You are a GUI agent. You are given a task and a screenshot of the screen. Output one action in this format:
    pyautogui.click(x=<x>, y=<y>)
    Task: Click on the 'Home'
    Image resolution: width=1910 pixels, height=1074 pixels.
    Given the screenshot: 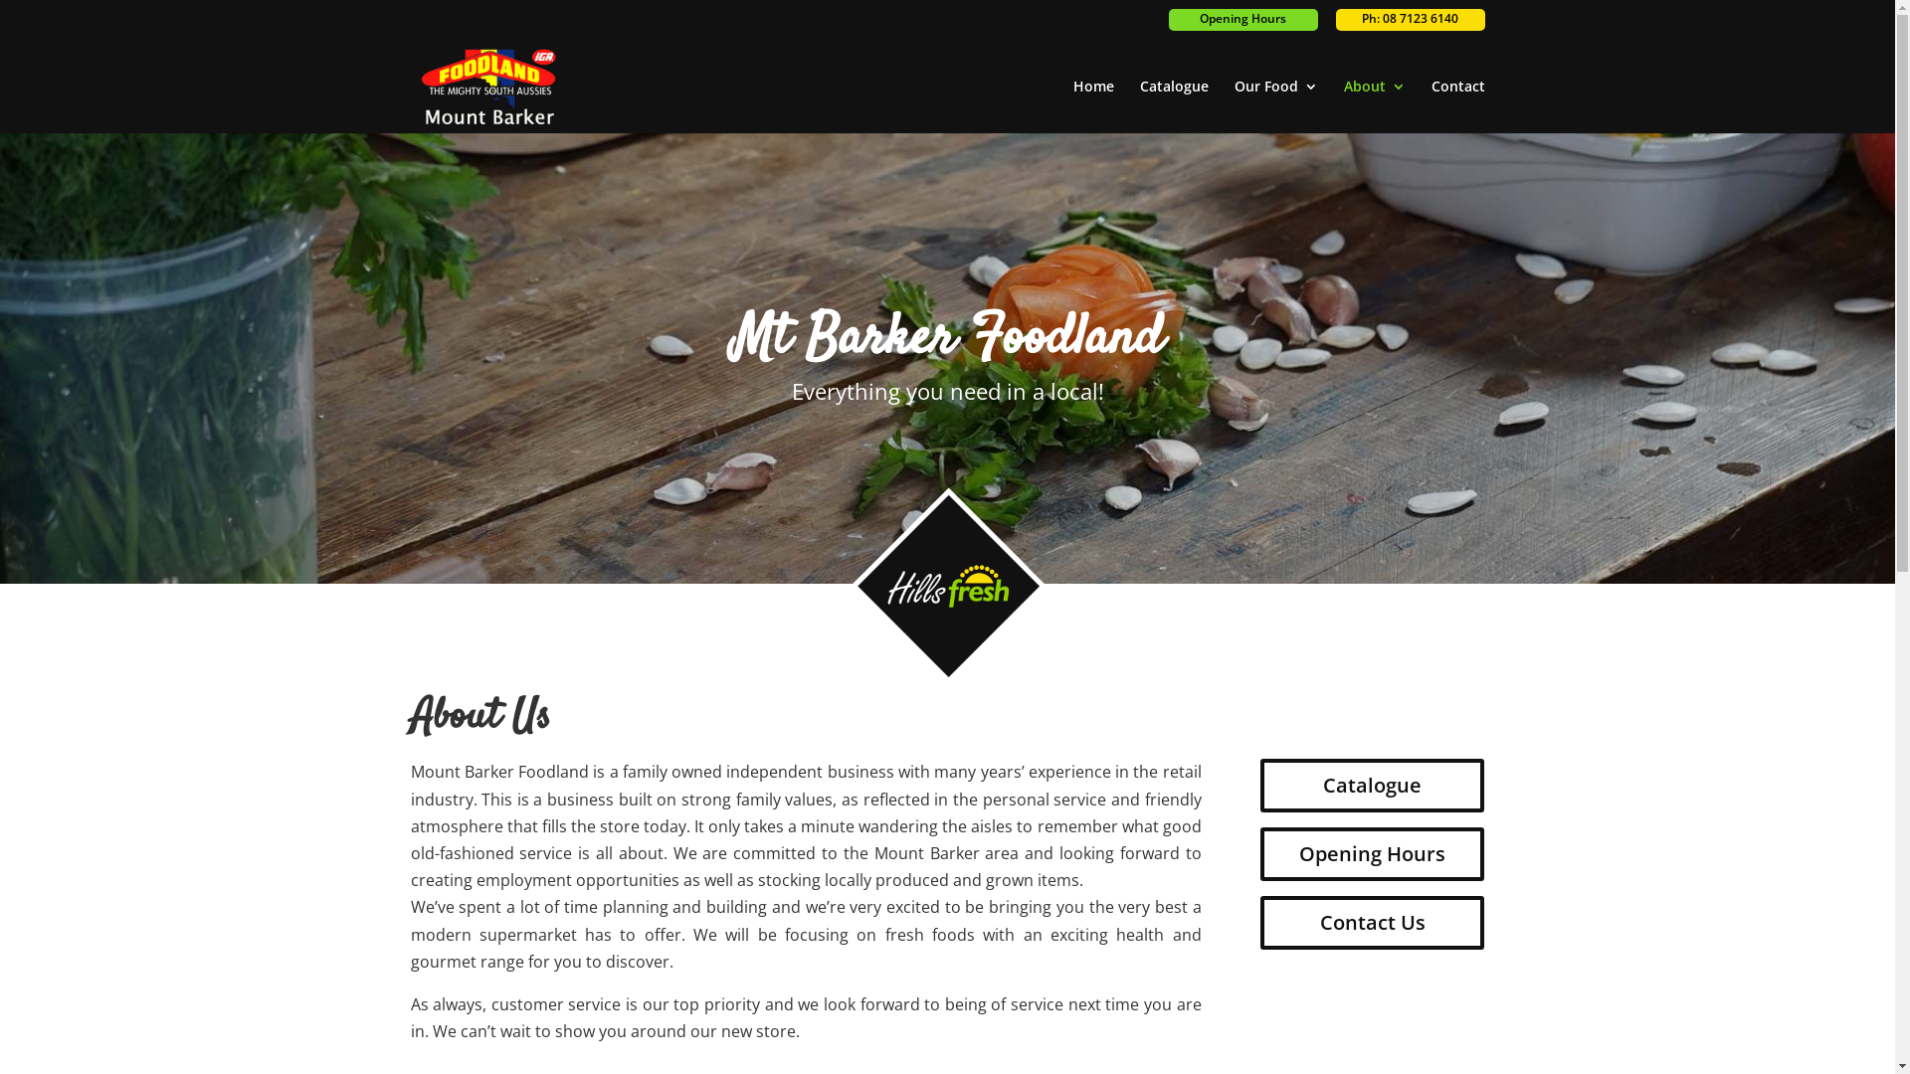 What is the action you would take?
    pyautogui.click(x=1091, y=106)
    